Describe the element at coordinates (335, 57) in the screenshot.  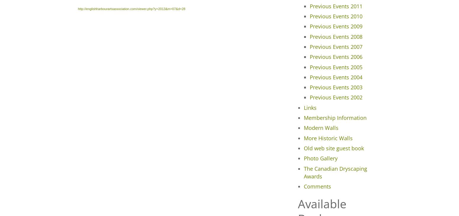
I see `'Previous Events 2006'` at that location.